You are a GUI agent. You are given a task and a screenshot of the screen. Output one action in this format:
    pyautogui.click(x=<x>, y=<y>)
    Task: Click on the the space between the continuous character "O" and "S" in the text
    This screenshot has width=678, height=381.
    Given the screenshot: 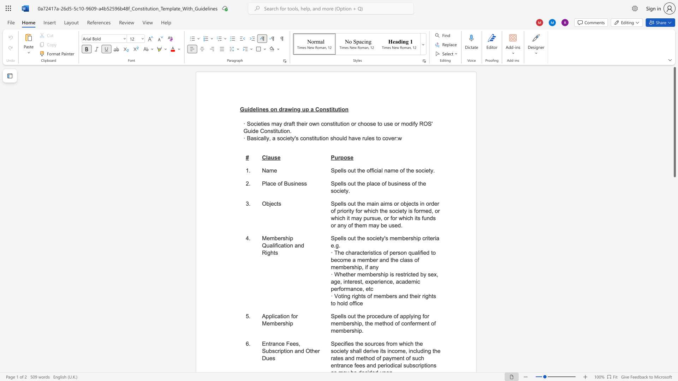 What is the action you would take?
    pyautogui.click(x=427, y=123)
    